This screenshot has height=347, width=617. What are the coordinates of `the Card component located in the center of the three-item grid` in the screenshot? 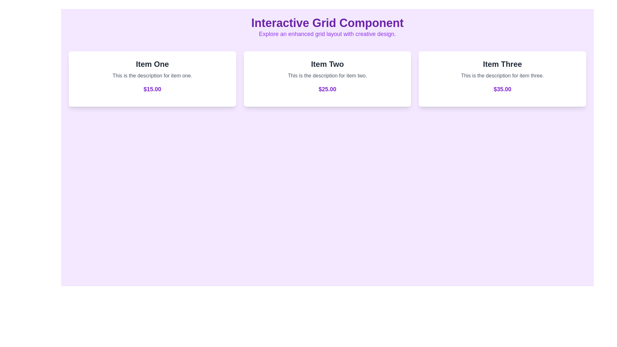 It's located at (327, 79).